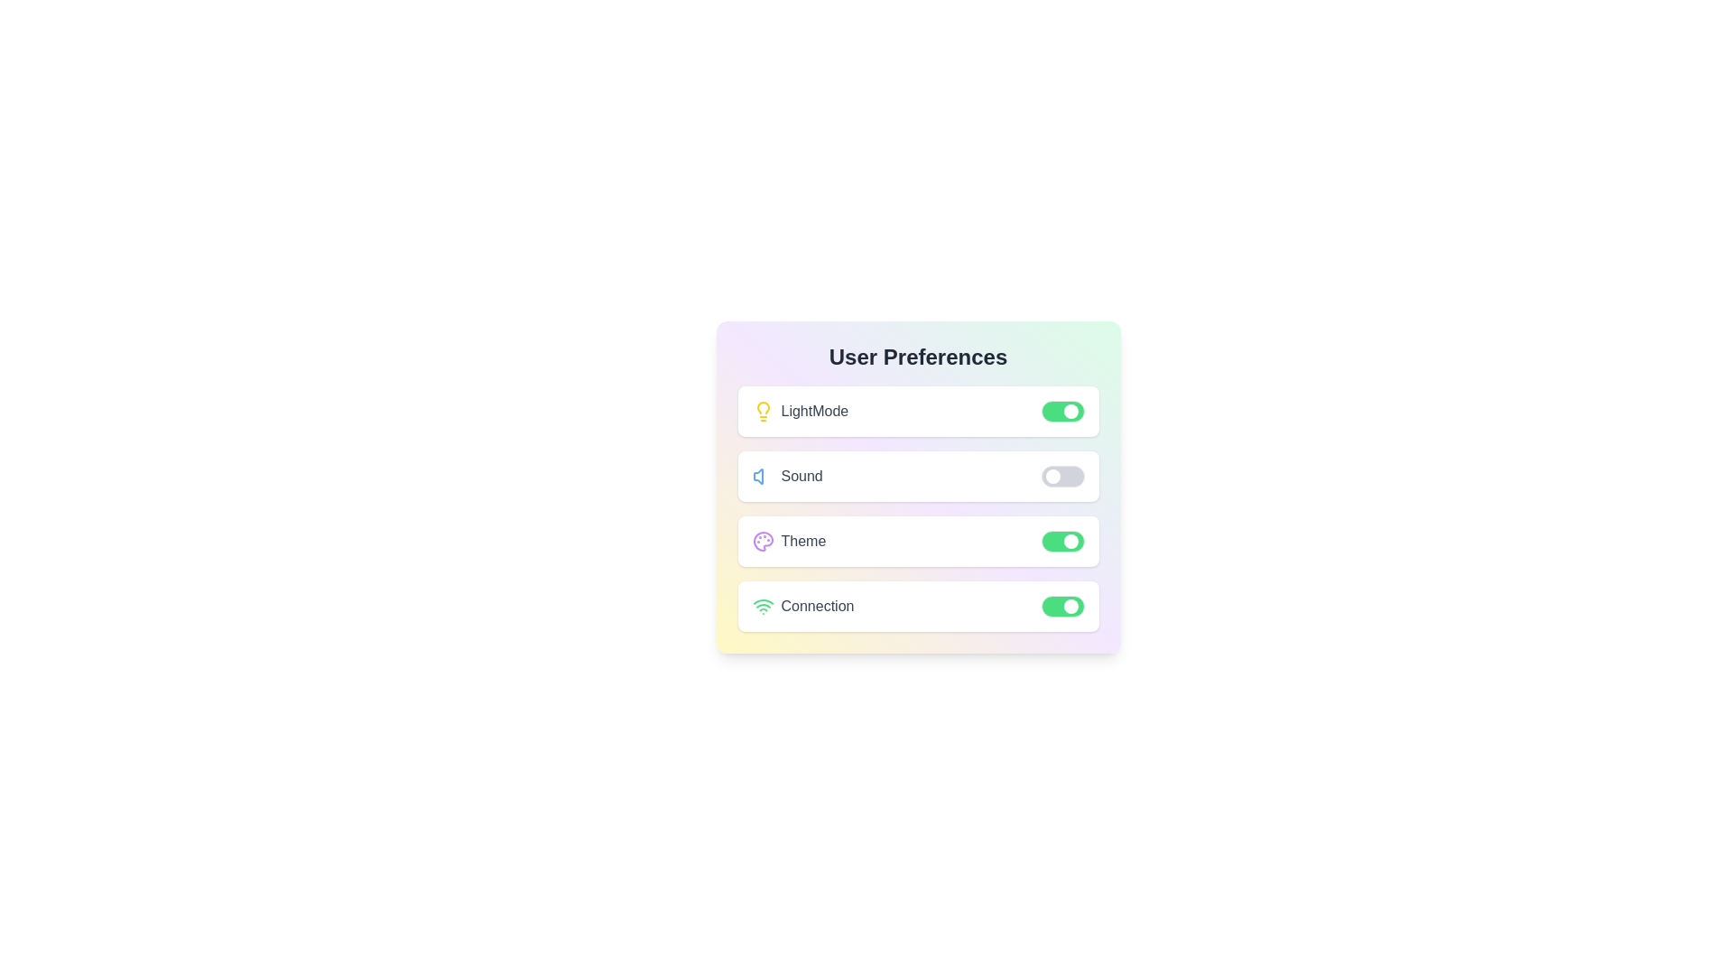 The image size is (1733, 975). Describe the element at coordinates (1070, 606) in the screenshot. I see `the circular toggle indicator associated with the 'Connection' label in the 'User Preferences' section to change its state` at that location.